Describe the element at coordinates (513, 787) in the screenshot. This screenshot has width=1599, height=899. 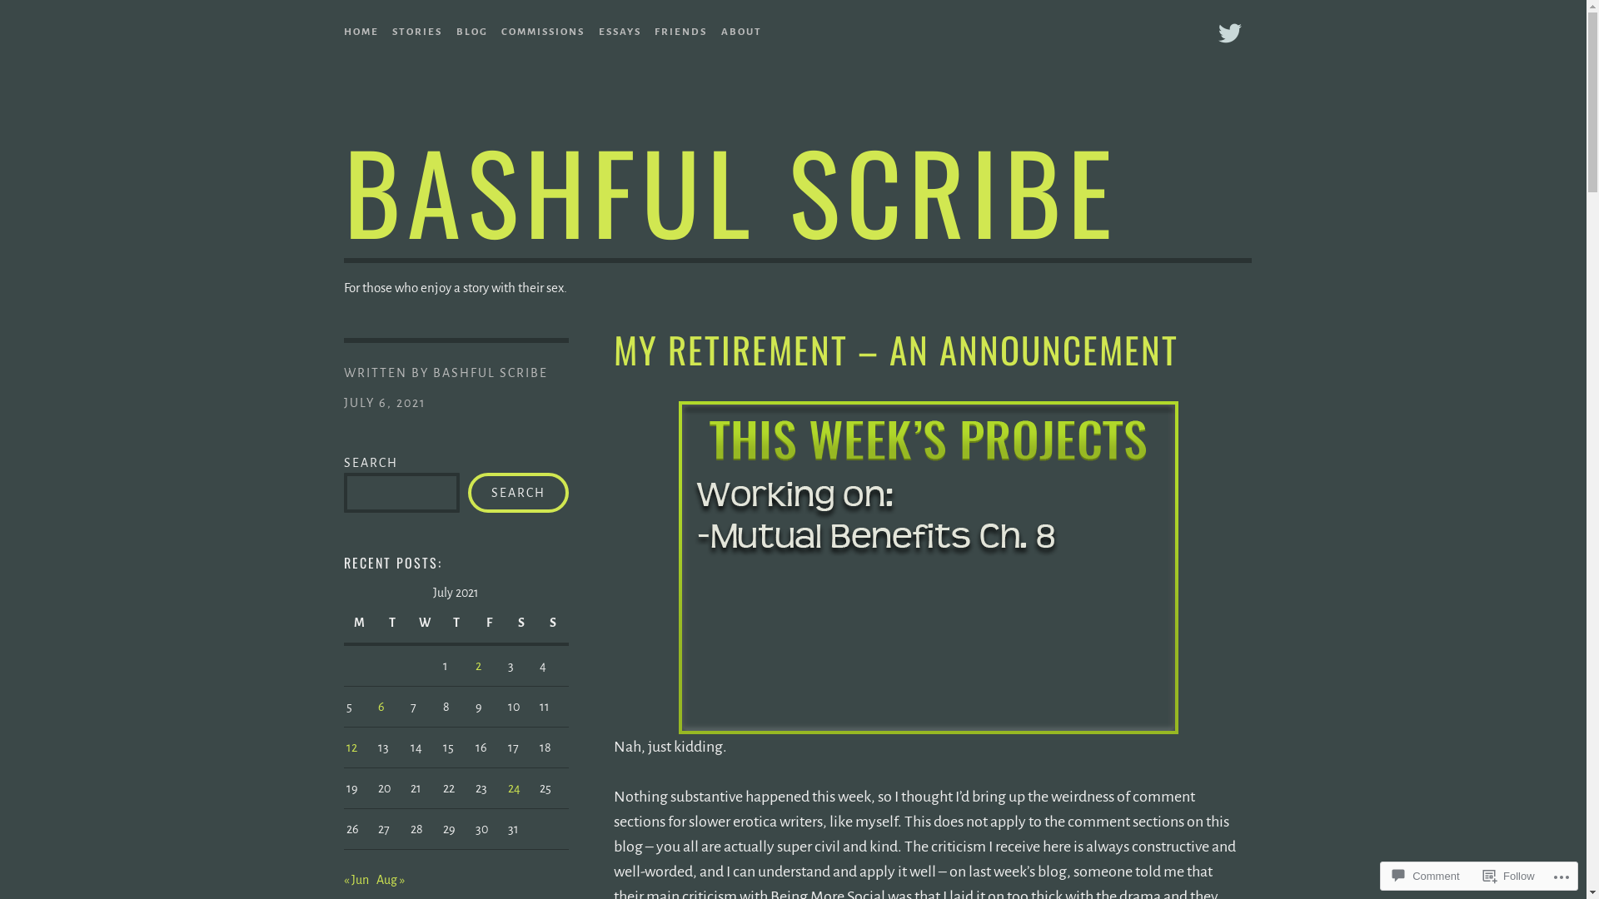
I see `'24'` at that location.